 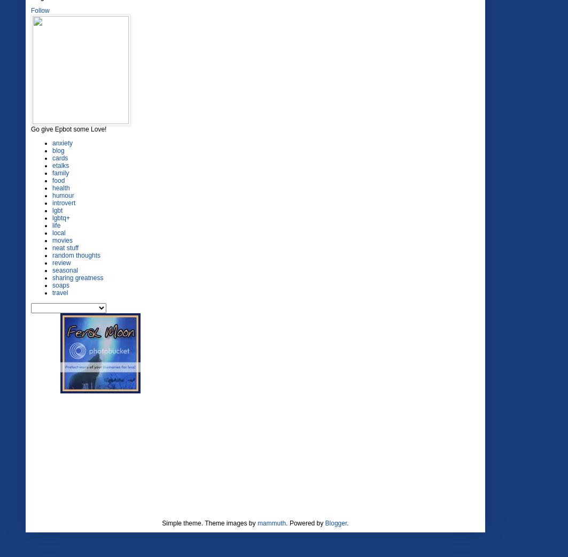 What do you see at coordinates (57, 210) in the screenshot?
I see `'lgbt'` at bounding box center [57, 210].